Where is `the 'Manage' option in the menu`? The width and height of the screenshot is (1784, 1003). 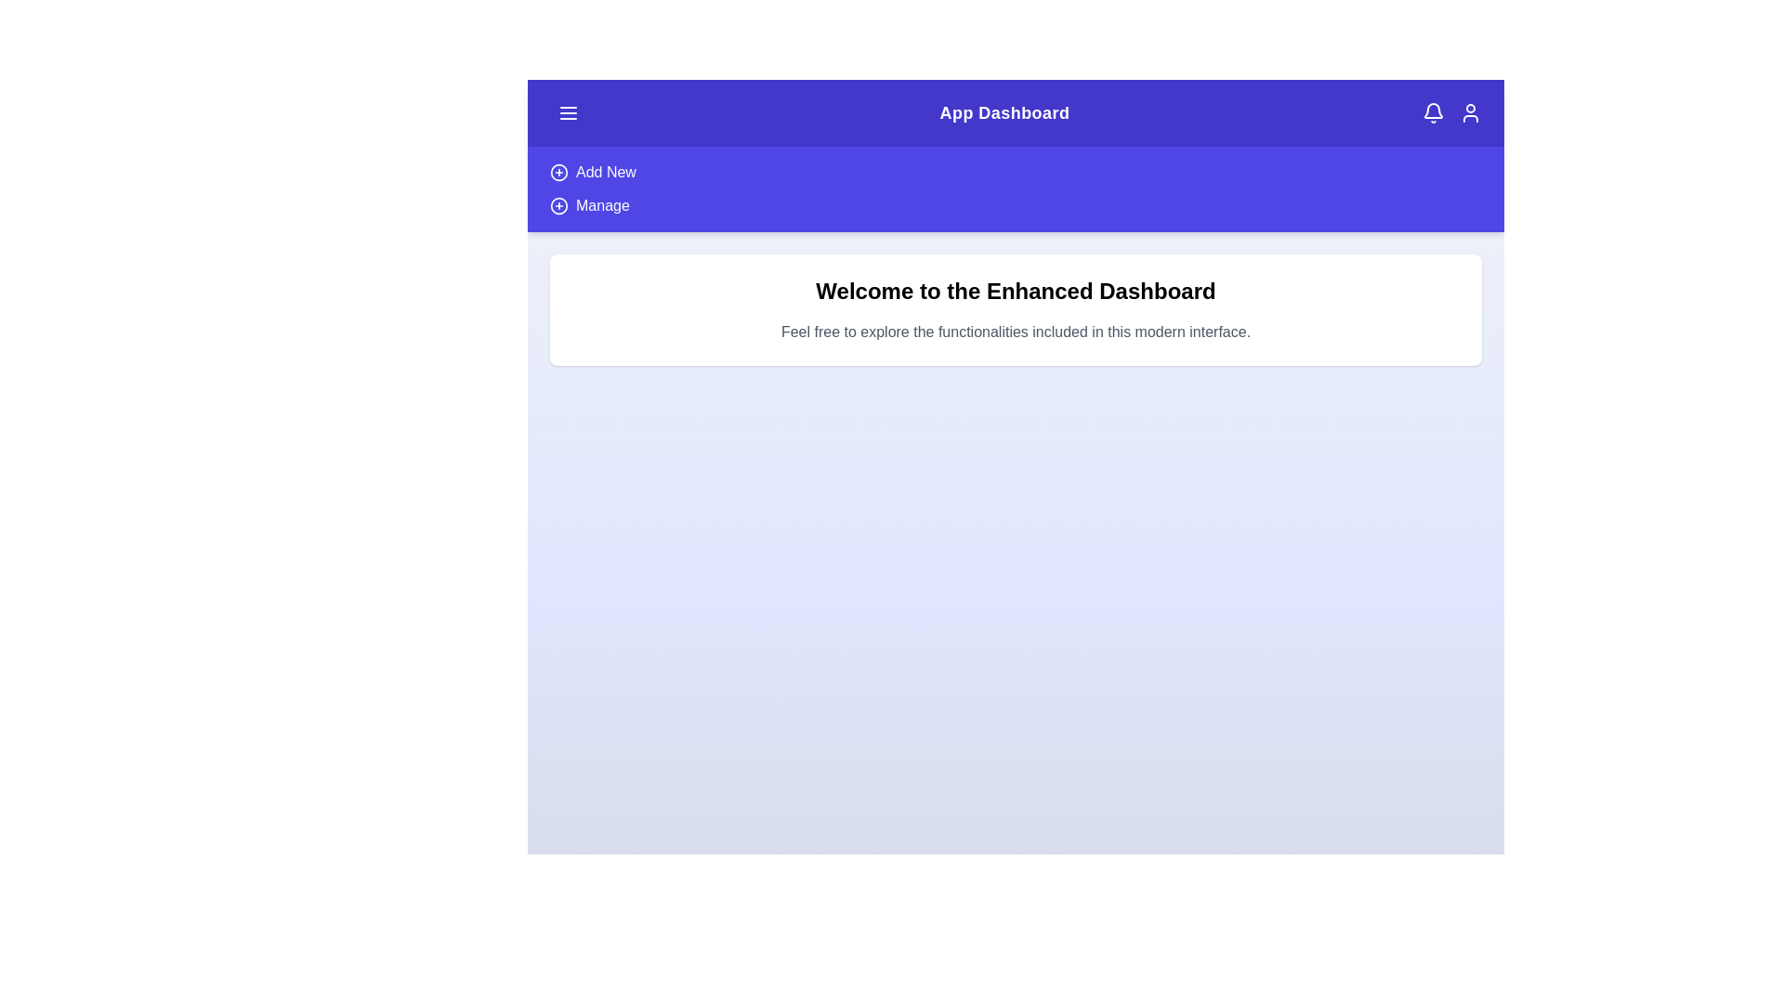 the 'Manage' option in the menu is located at coordinates (602, 206).